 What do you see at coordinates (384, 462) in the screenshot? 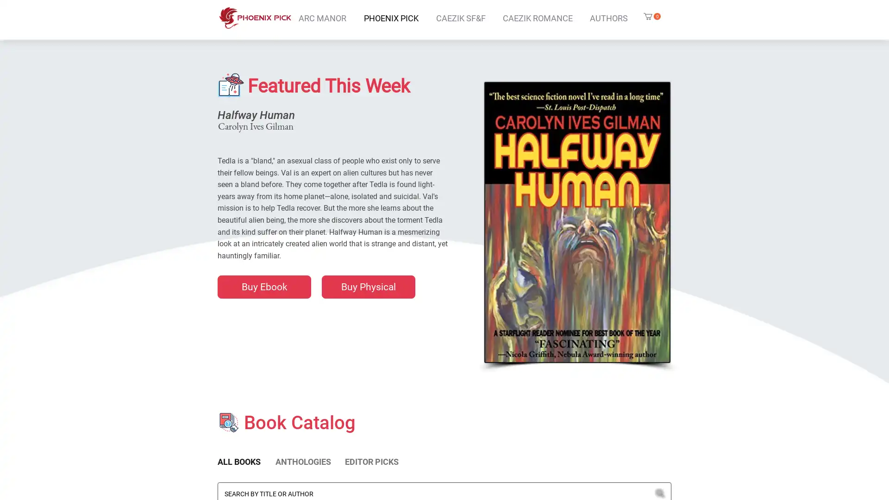
I see `EDITOR PICKS` at bounding box center [384, 462].